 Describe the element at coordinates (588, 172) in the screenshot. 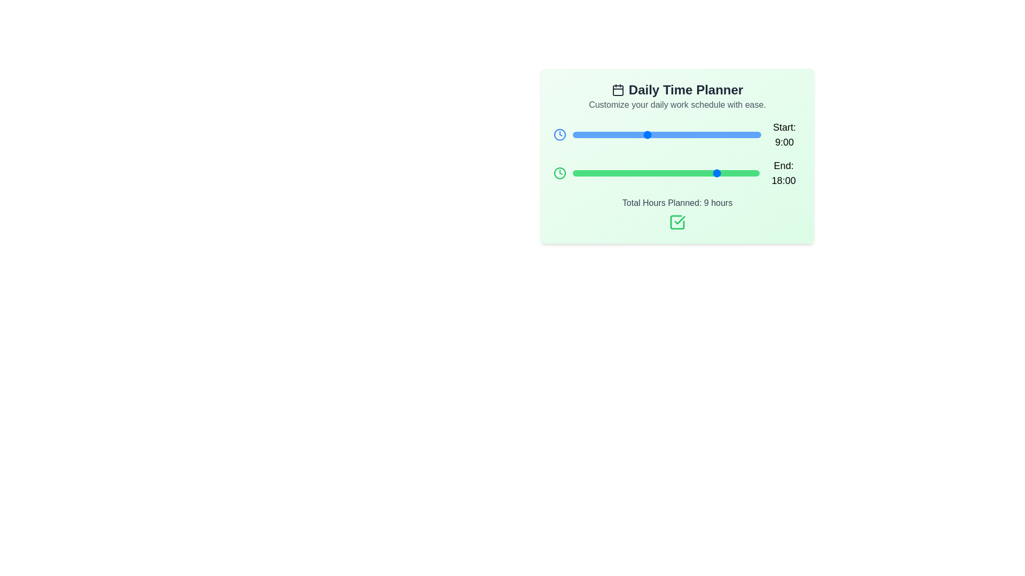

I see `the 'End' slider to set the end time to 2:00` at that location.